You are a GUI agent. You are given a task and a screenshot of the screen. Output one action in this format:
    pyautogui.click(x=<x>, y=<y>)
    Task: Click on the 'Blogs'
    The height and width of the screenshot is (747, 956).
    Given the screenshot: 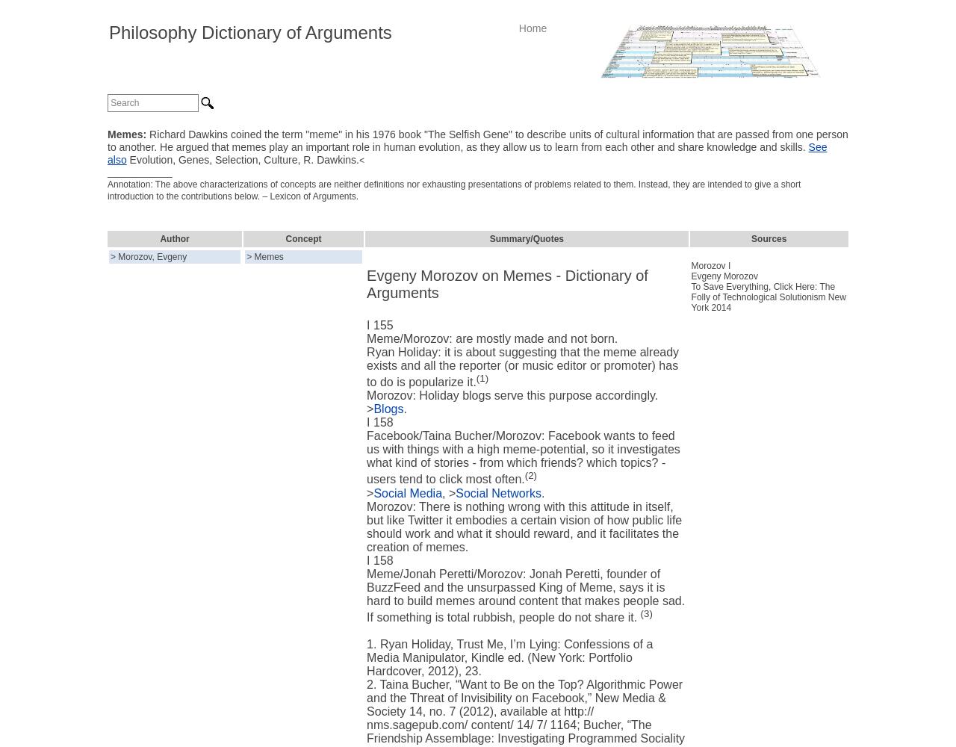 What is the action you would take?
    pyautogui.click(x=388, y=409)
    